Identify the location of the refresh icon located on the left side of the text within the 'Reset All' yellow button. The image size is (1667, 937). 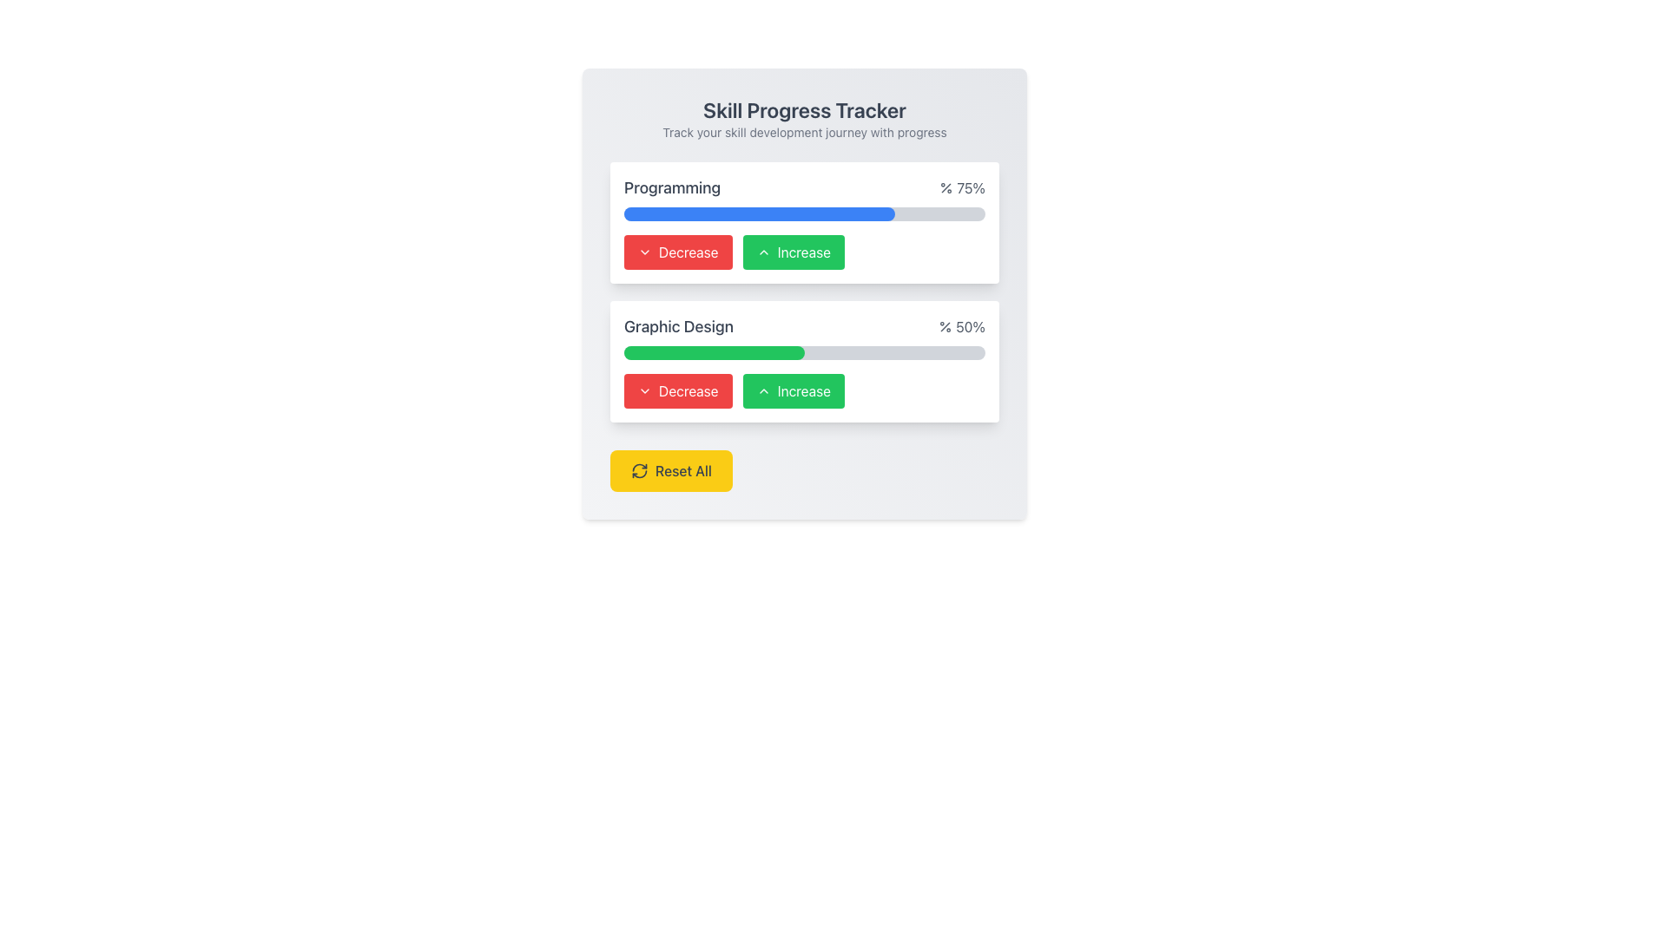
(639, 471).